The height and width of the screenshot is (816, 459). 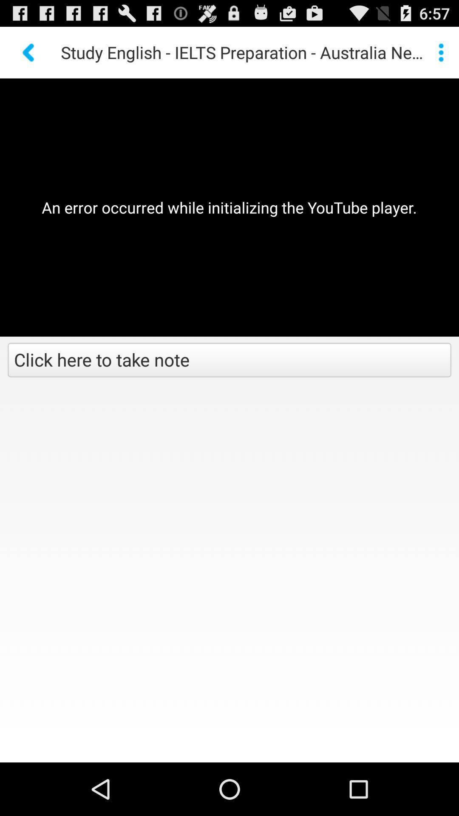 What do you see at coordinates (29, 52) in the screenshot?
I see `the item next to the study english ielts icon` at bounding box center [29, 52].